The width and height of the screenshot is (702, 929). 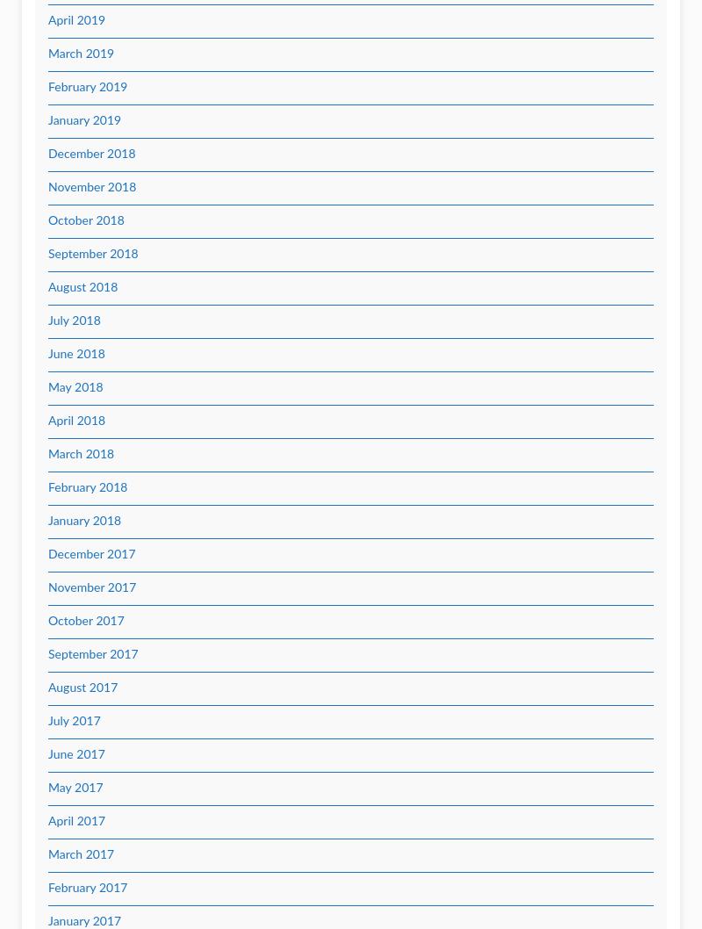 What do you see at coordinates (75, 789) in the screenshot?
I see `'May 2017'` at bounding box center [75, 789].